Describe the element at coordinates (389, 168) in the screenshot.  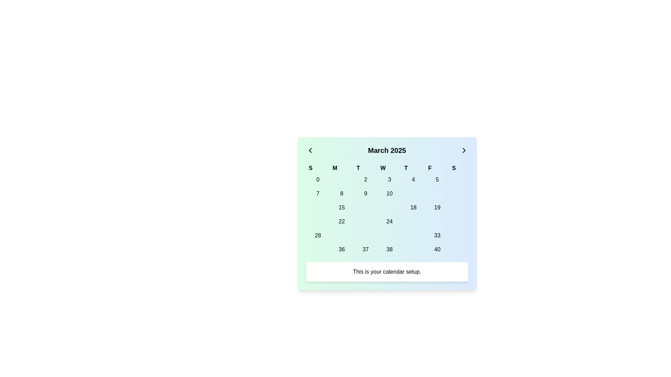
I see `the bold, black uppercase letter 'W' in the calendar view, which is positioned fourth among the days of the week, under the title 'March 2025'` at that location.